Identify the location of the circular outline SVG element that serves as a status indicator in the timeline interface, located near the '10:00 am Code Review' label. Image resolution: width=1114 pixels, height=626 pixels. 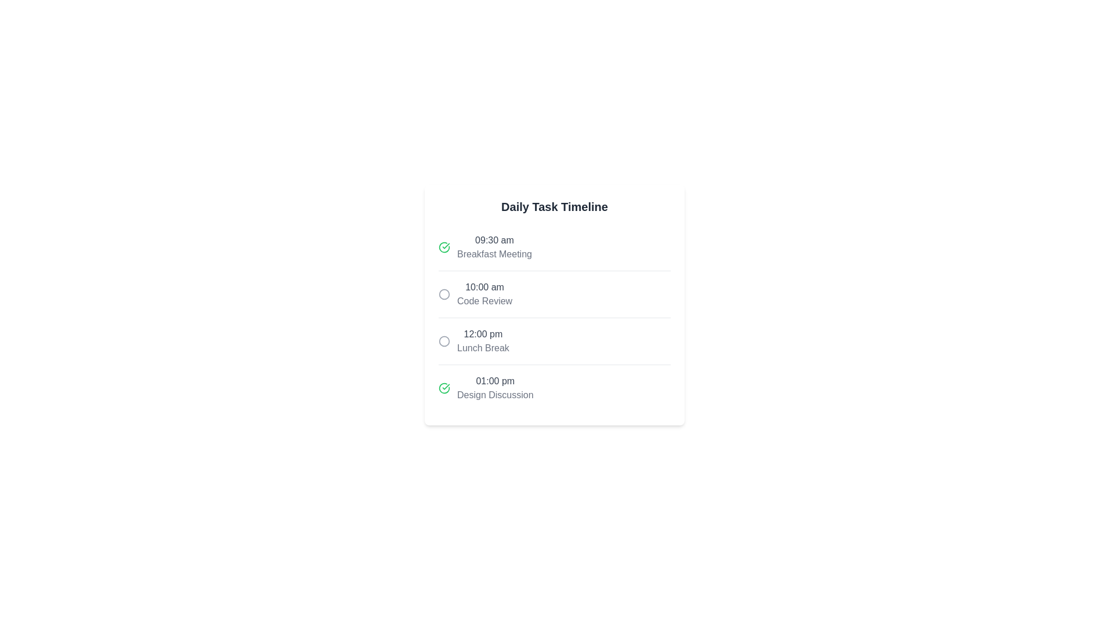
(444, 341).